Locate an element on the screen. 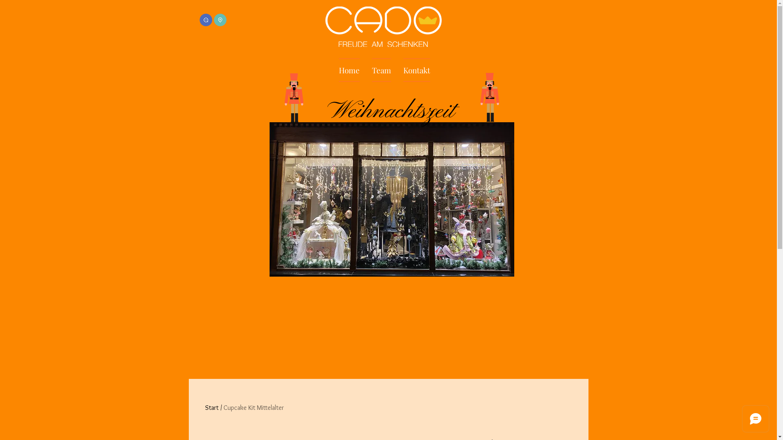 The width and height of the screenshot is (783, 440). 'Start' is located at coordinates (211, 407).